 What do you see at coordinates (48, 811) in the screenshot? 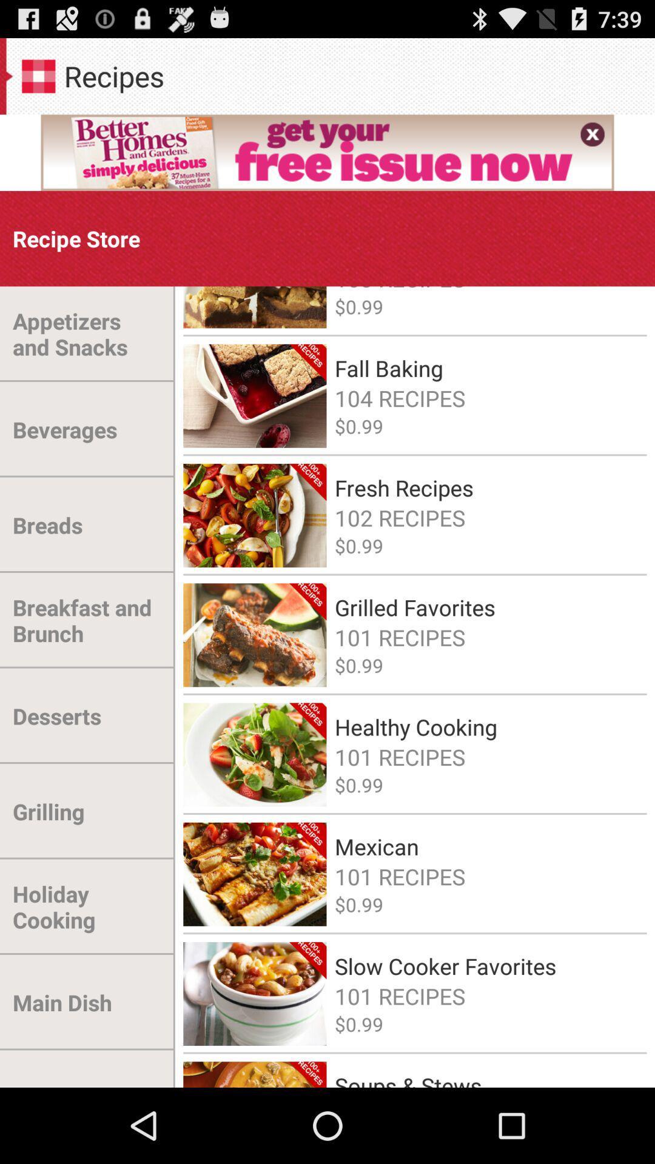
I see `the grilling` at bounding box center [48, 811].